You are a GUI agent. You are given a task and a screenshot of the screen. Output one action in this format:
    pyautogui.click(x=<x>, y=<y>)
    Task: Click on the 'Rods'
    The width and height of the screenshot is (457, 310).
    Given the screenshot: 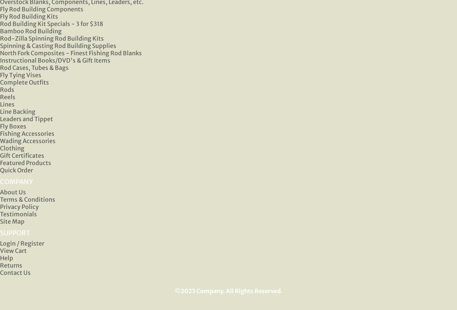 What is the action you would take?
    pyautogui.click(x=0, y=89)
    